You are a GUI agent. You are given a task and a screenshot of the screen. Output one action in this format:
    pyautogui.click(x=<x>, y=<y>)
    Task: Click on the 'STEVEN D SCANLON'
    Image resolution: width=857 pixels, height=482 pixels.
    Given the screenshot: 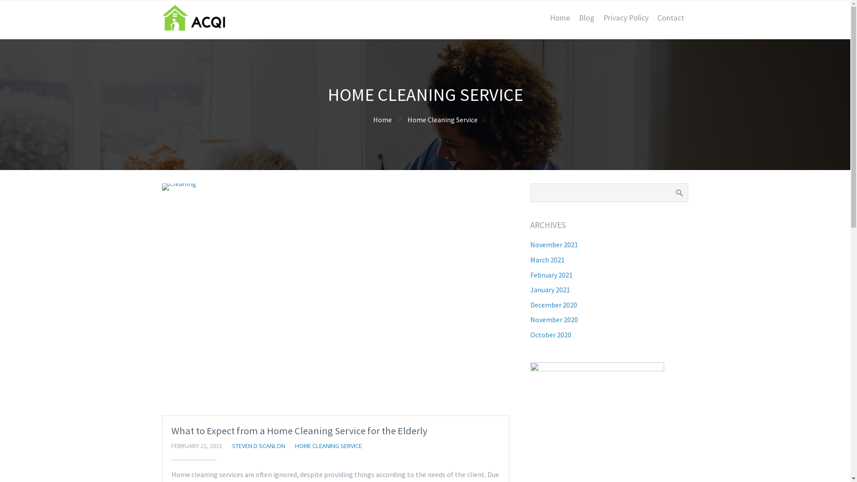 What is the action you would take?
    pyautogui.click(x=258, y=446)
    